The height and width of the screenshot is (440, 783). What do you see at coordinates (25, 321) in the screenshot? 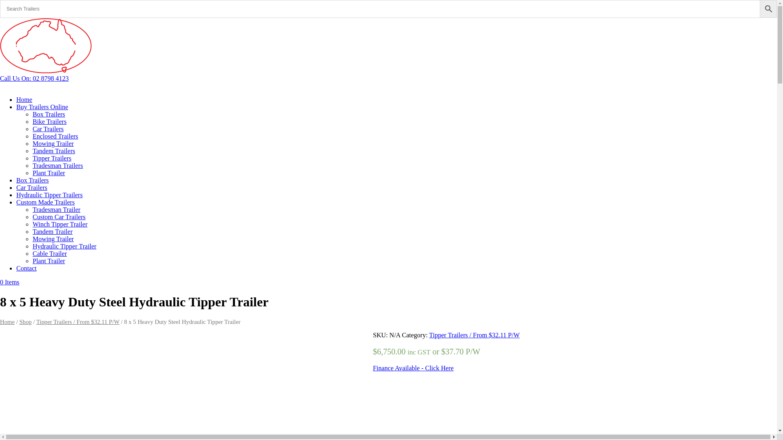
I see `'Shop'` at bounding box center [25, 321].